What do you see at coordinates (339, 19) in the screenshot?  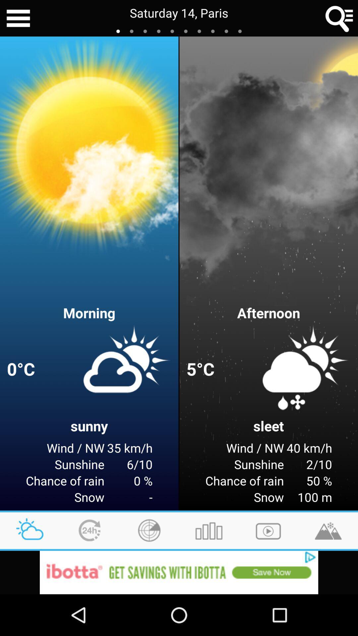 I see `the search icon` at bounding box center [339, 19].